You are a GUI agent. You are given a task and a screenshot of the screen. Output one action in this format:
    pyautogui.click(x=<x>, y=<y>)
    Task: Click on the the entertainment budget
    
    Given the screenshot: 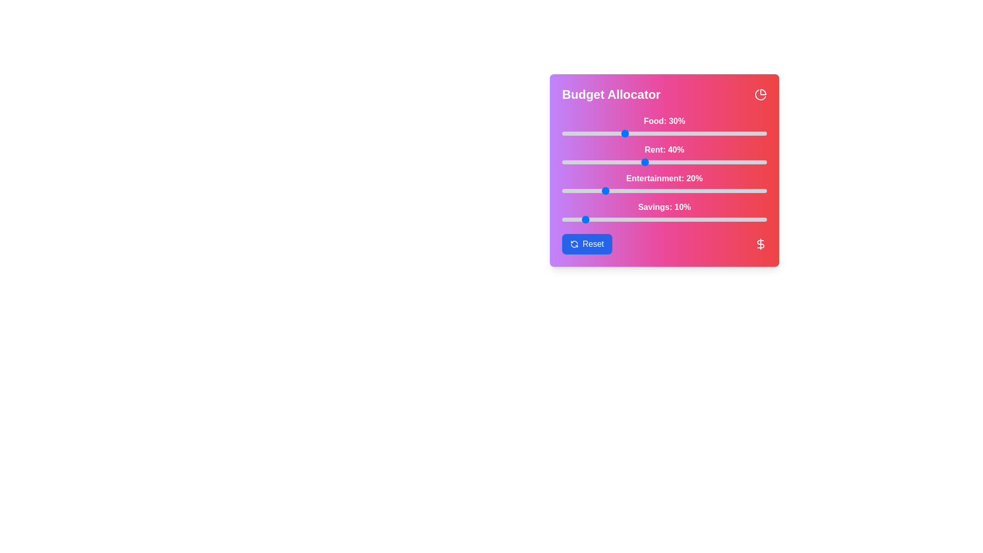 What is the action you would take?
    pyautogui.click(x=601, y=191)
    